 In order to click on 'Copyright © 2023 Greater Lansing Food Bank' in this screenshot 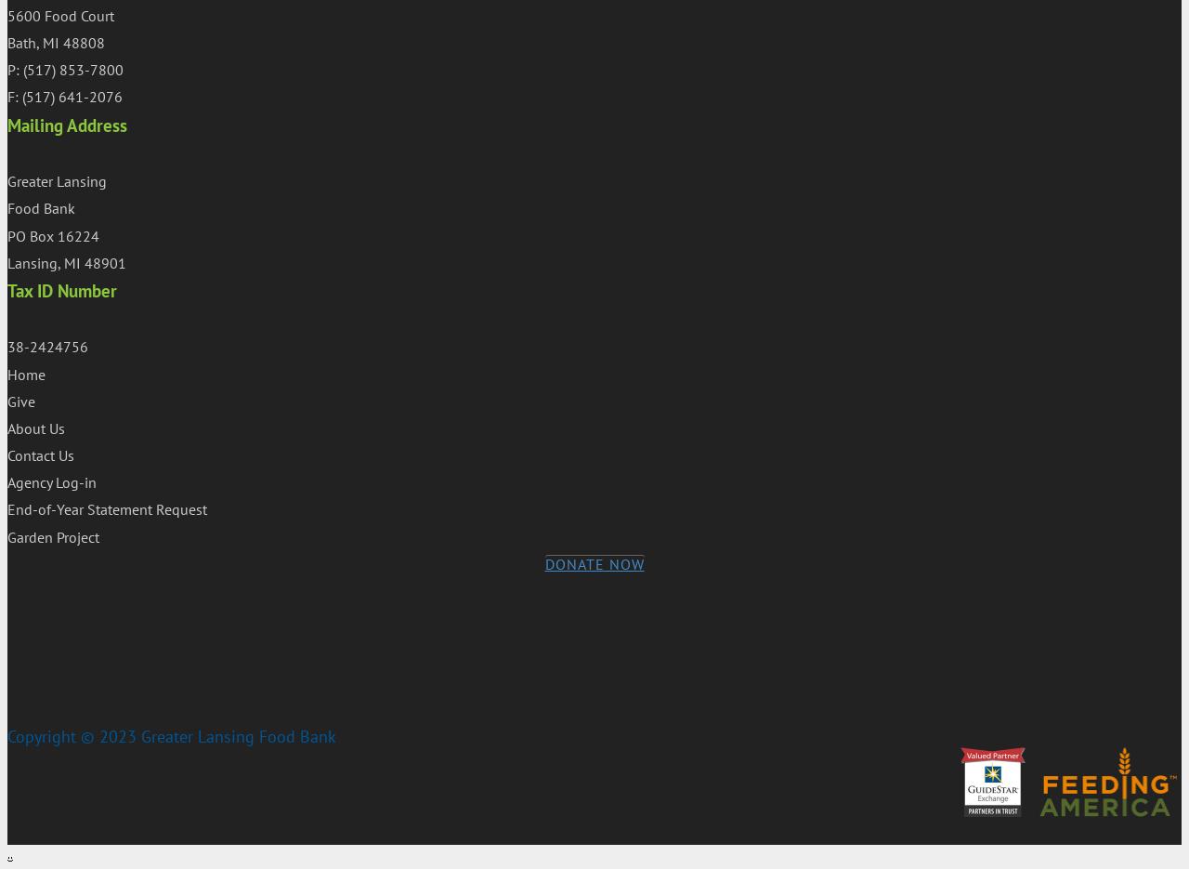, I will do `click(7, 735)`.